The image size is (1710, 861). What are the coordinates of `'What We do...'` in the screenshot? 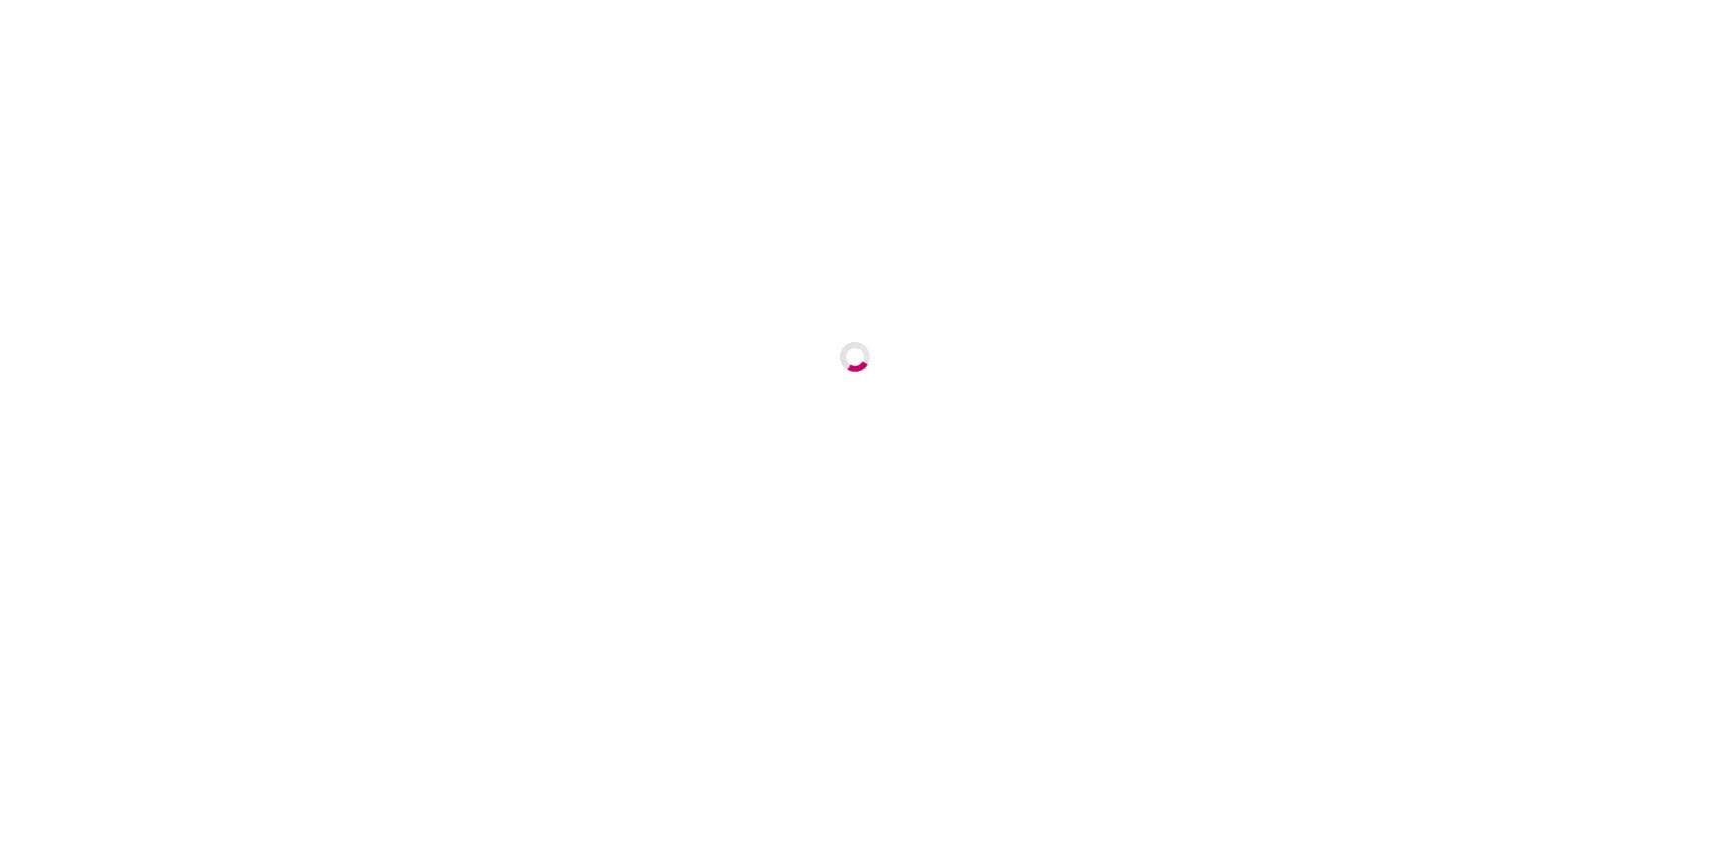 It's located at (868, 733).